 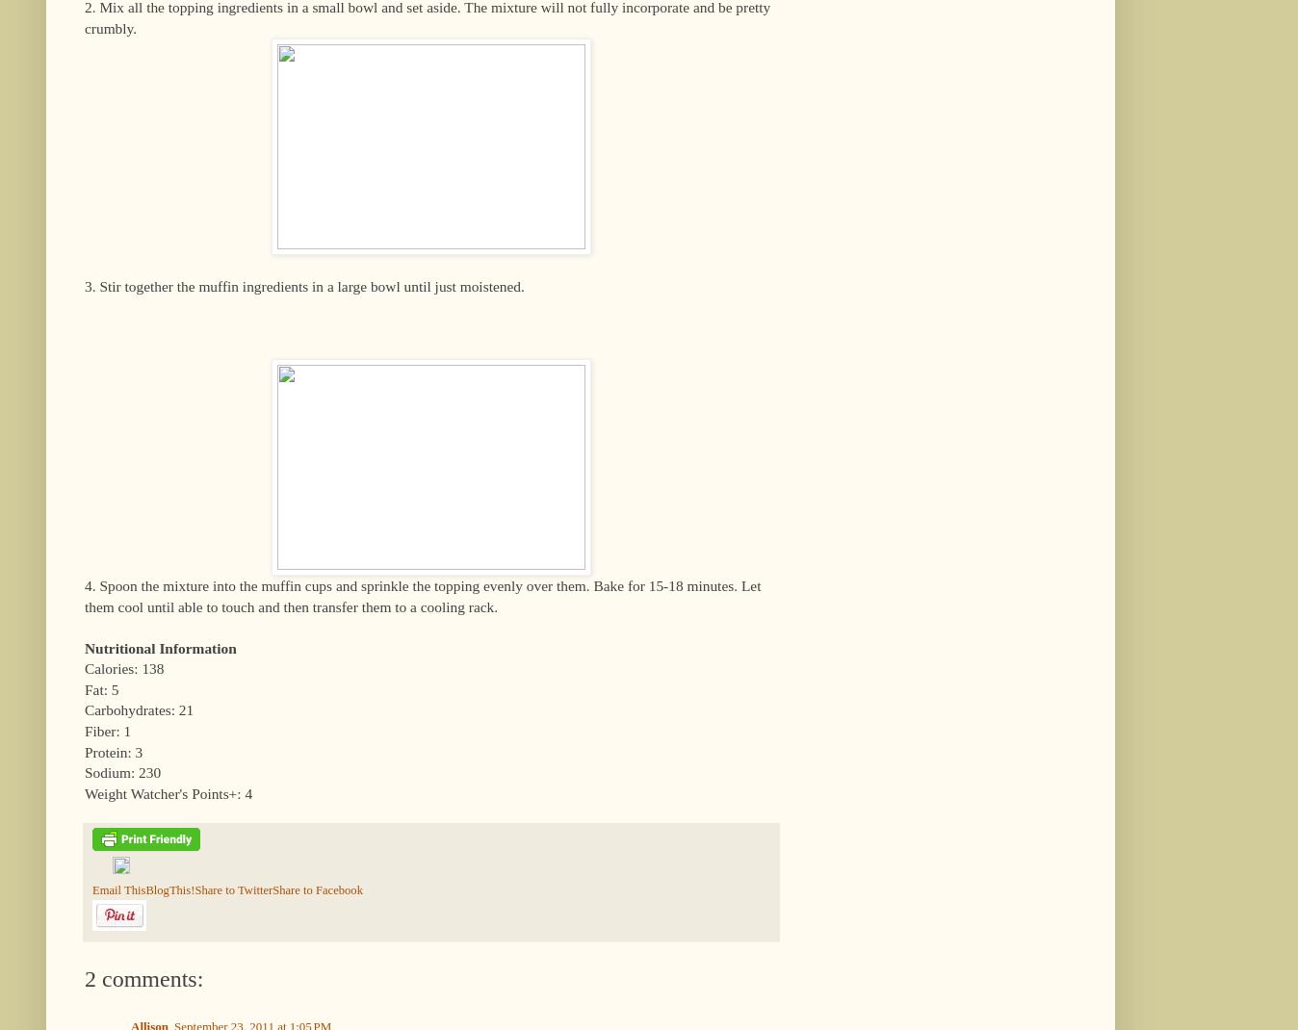 What do you see at coordinates (169, 888) in the screenshot?
I see `'BlogThis!'` at bounding box center [169, 888].